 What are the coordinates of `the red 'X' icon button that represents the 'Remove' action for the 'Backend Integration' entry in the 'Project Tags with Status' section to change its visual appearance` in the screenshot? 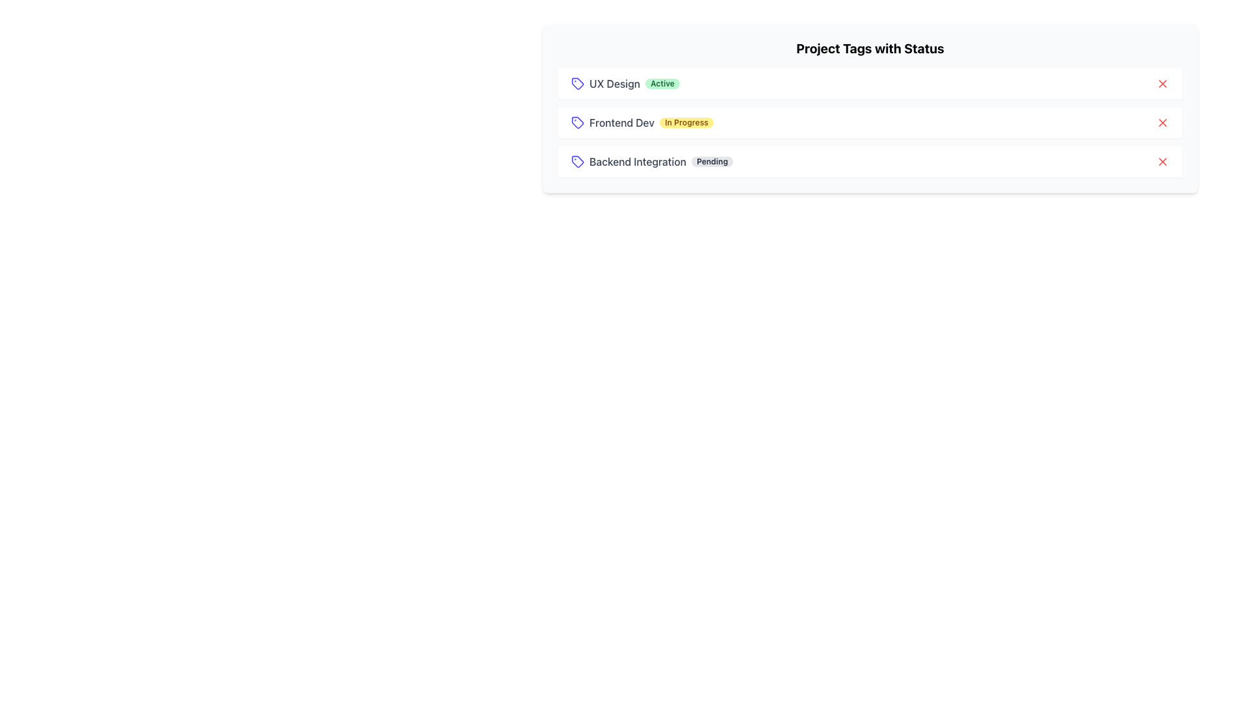 It's located at (1163, 161).